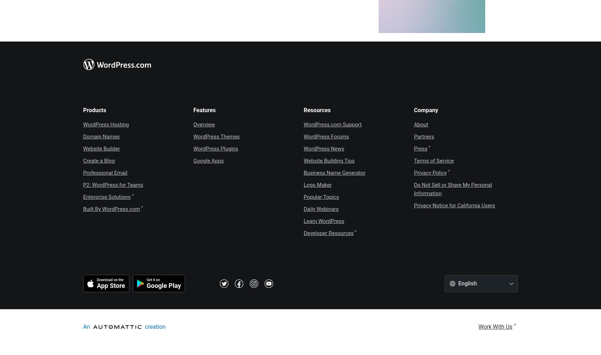 Image resolution: width=601 pixels, height=355 pixels. What do you see at coordinates (317, 110) in the screenshot?
I see `'Resources'` at bounding box center [317, 110].